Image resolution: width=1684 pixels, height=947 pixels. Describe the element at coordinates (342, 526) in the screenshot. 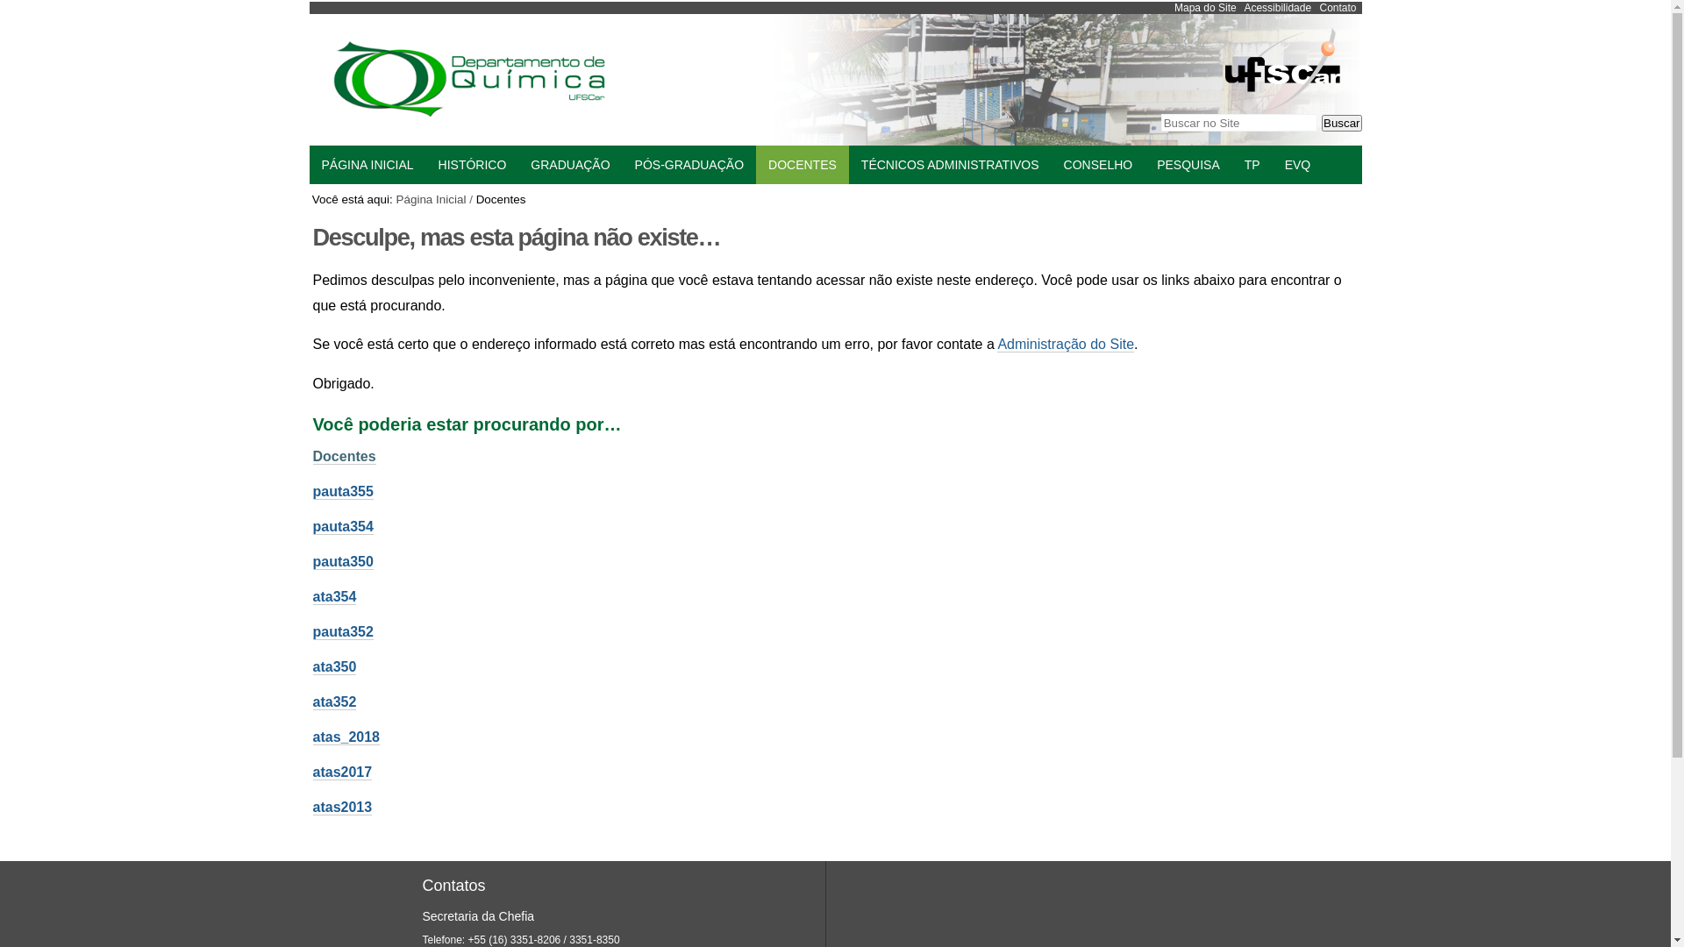

I see `'pauta354'` at that location.